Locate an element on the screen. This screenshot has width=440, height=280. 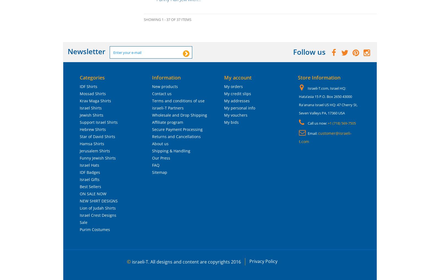
'israeli-T. All designs and content are copyrights 2016' is located at coordinates (186, 262).